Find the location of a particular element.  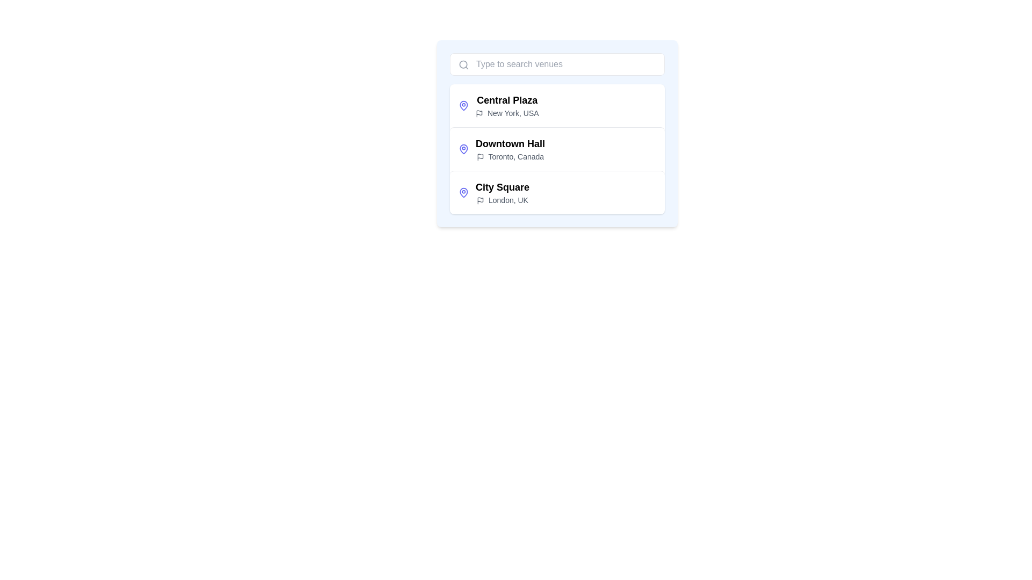

the pin icon with a circular base and pointed bottom, styled in indigo, located at the top-left corner of the 'Central Plaza' list item in the search results panel is located at coordinates (464, 105).